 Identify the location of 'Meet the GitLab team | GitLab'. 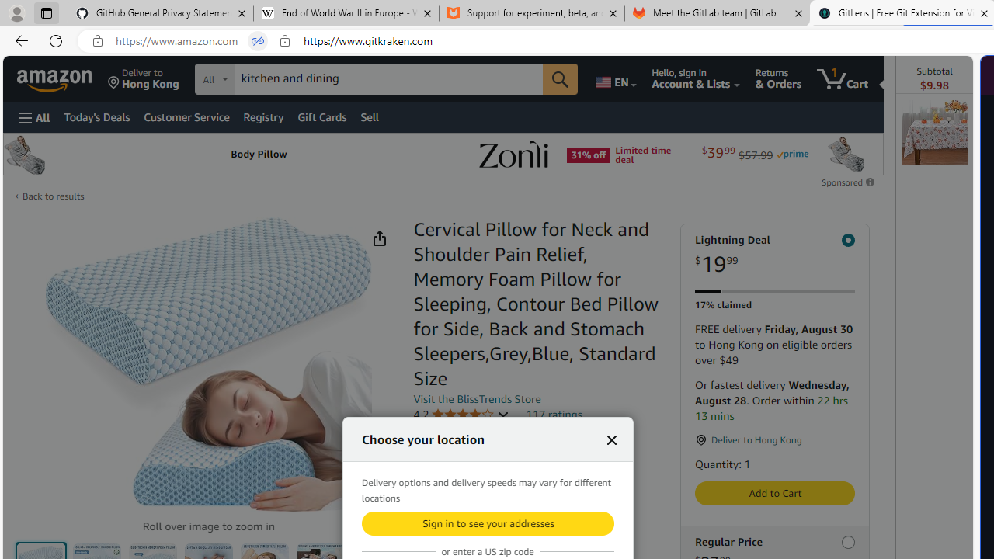
(717, 13).